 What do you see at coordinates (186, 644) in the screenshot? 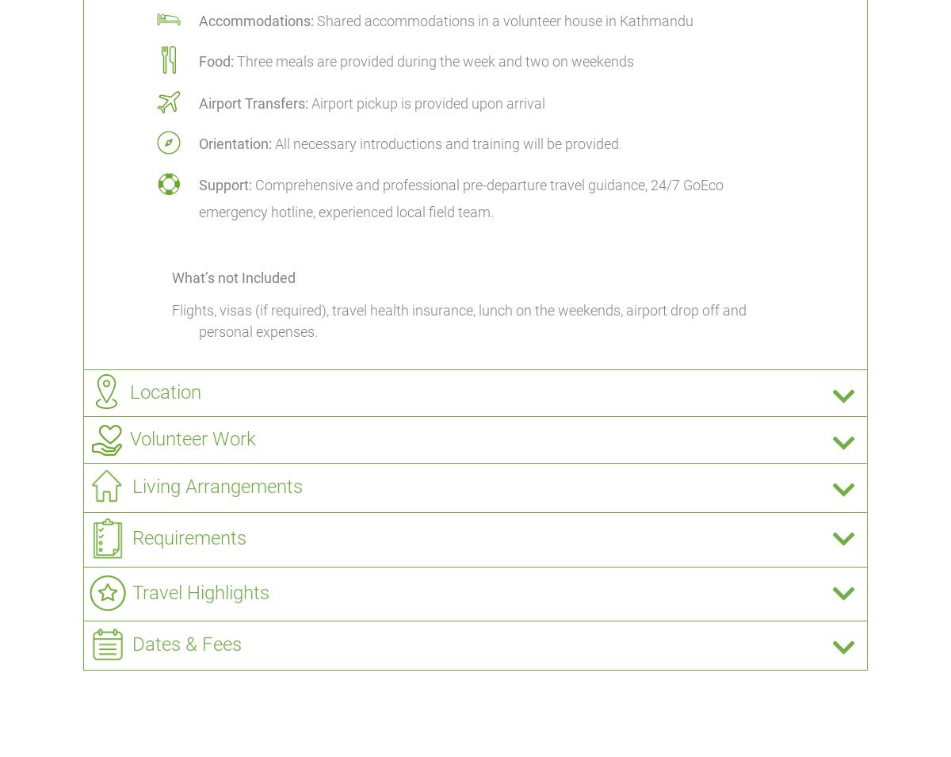
I see `'Dates & Fees'` at bounding box center [186, 644].